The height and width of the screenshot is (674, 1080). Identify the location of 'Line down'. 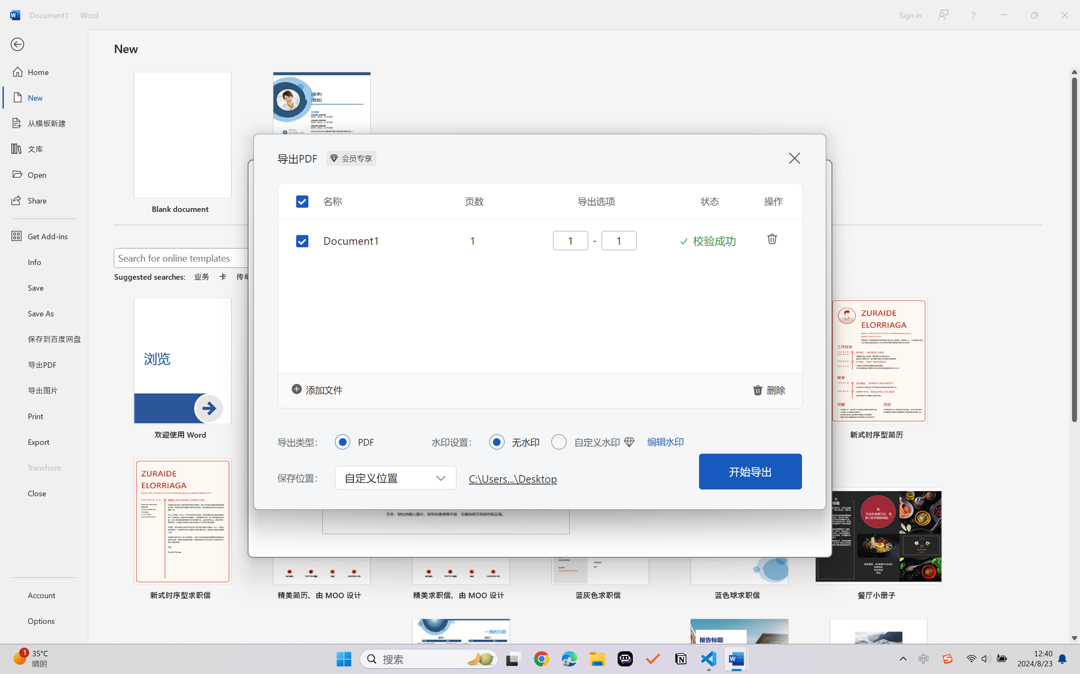
(1074, 638).